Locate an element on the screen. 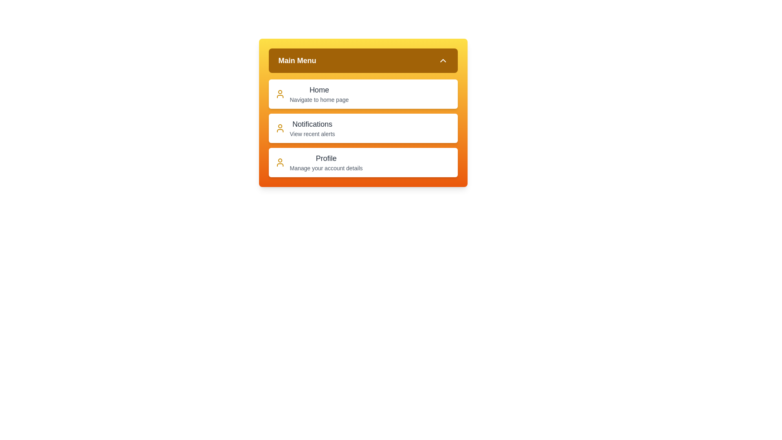 This screenshot has height=440, width=782. the menu item Notifications from the interactive menu is located at coordinates (362, 128).